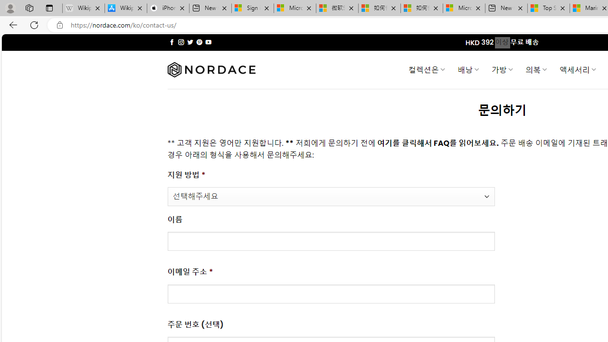  What do you see at coordinates (199, 42) in the screenshot?
I see `'Follow on Pinterest'` at bounding box center [199, 42].